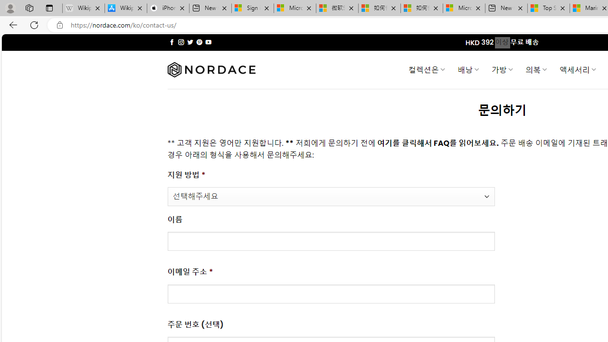  What do you see at coordinates (199, 42) in the screenshot?
I see `'Follow on Pinterest'` at bounding box center [199, 42].